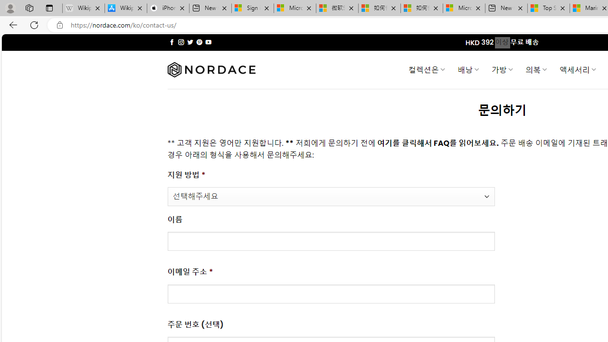  What do you see at coordinates (199, 42) in the screenshot?
I see `'Follow on Pinterest'` at bounding box center [199, 42].